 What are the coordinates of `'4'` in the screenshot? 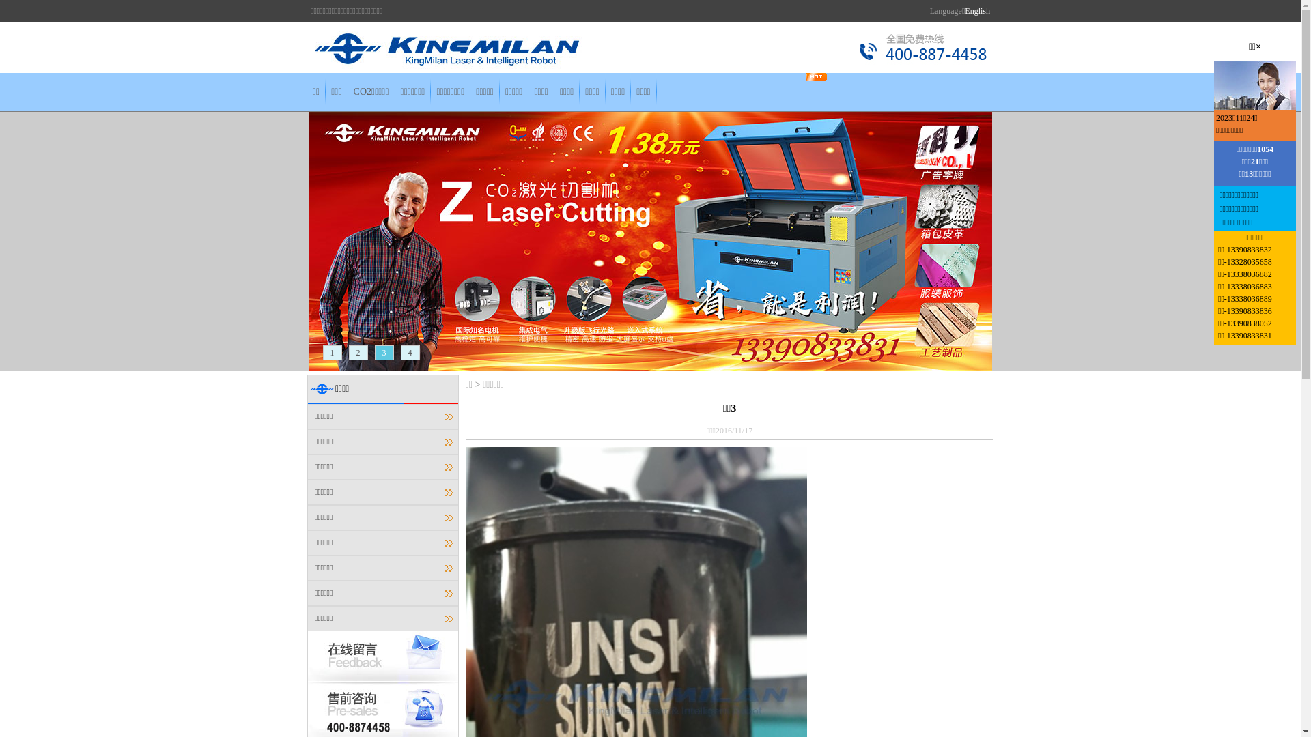 It's located at (409, 351).